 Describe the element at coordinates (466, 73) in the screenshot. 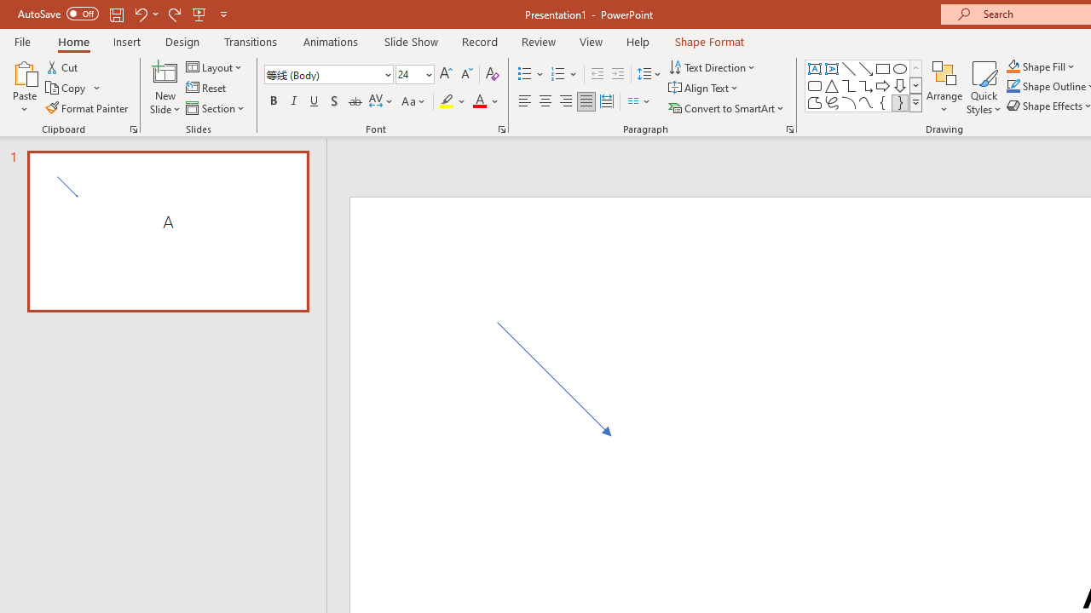

I see `'Decrease Font Size'` at that location.